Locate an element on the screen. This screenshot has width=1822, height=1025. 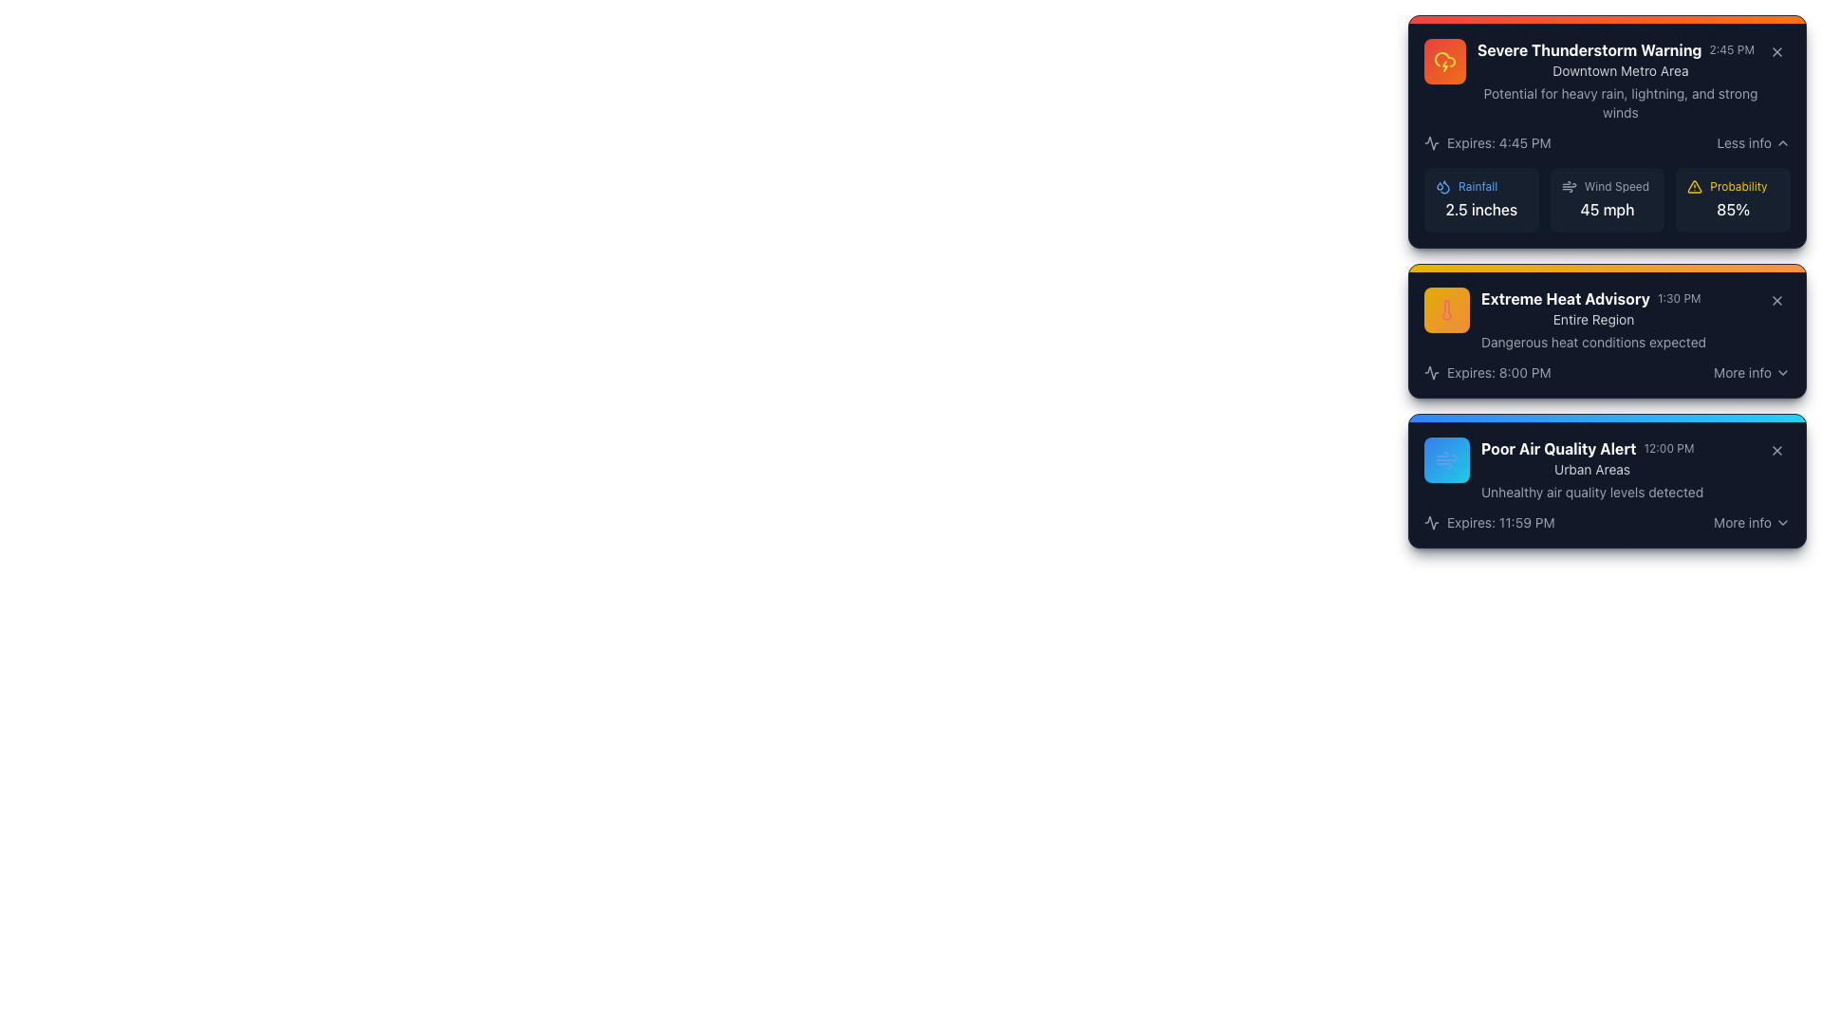
the graphical icon representing a notification related to a waveform or activity, located at the top left of the notification card is located at coordinates (1431, 523).